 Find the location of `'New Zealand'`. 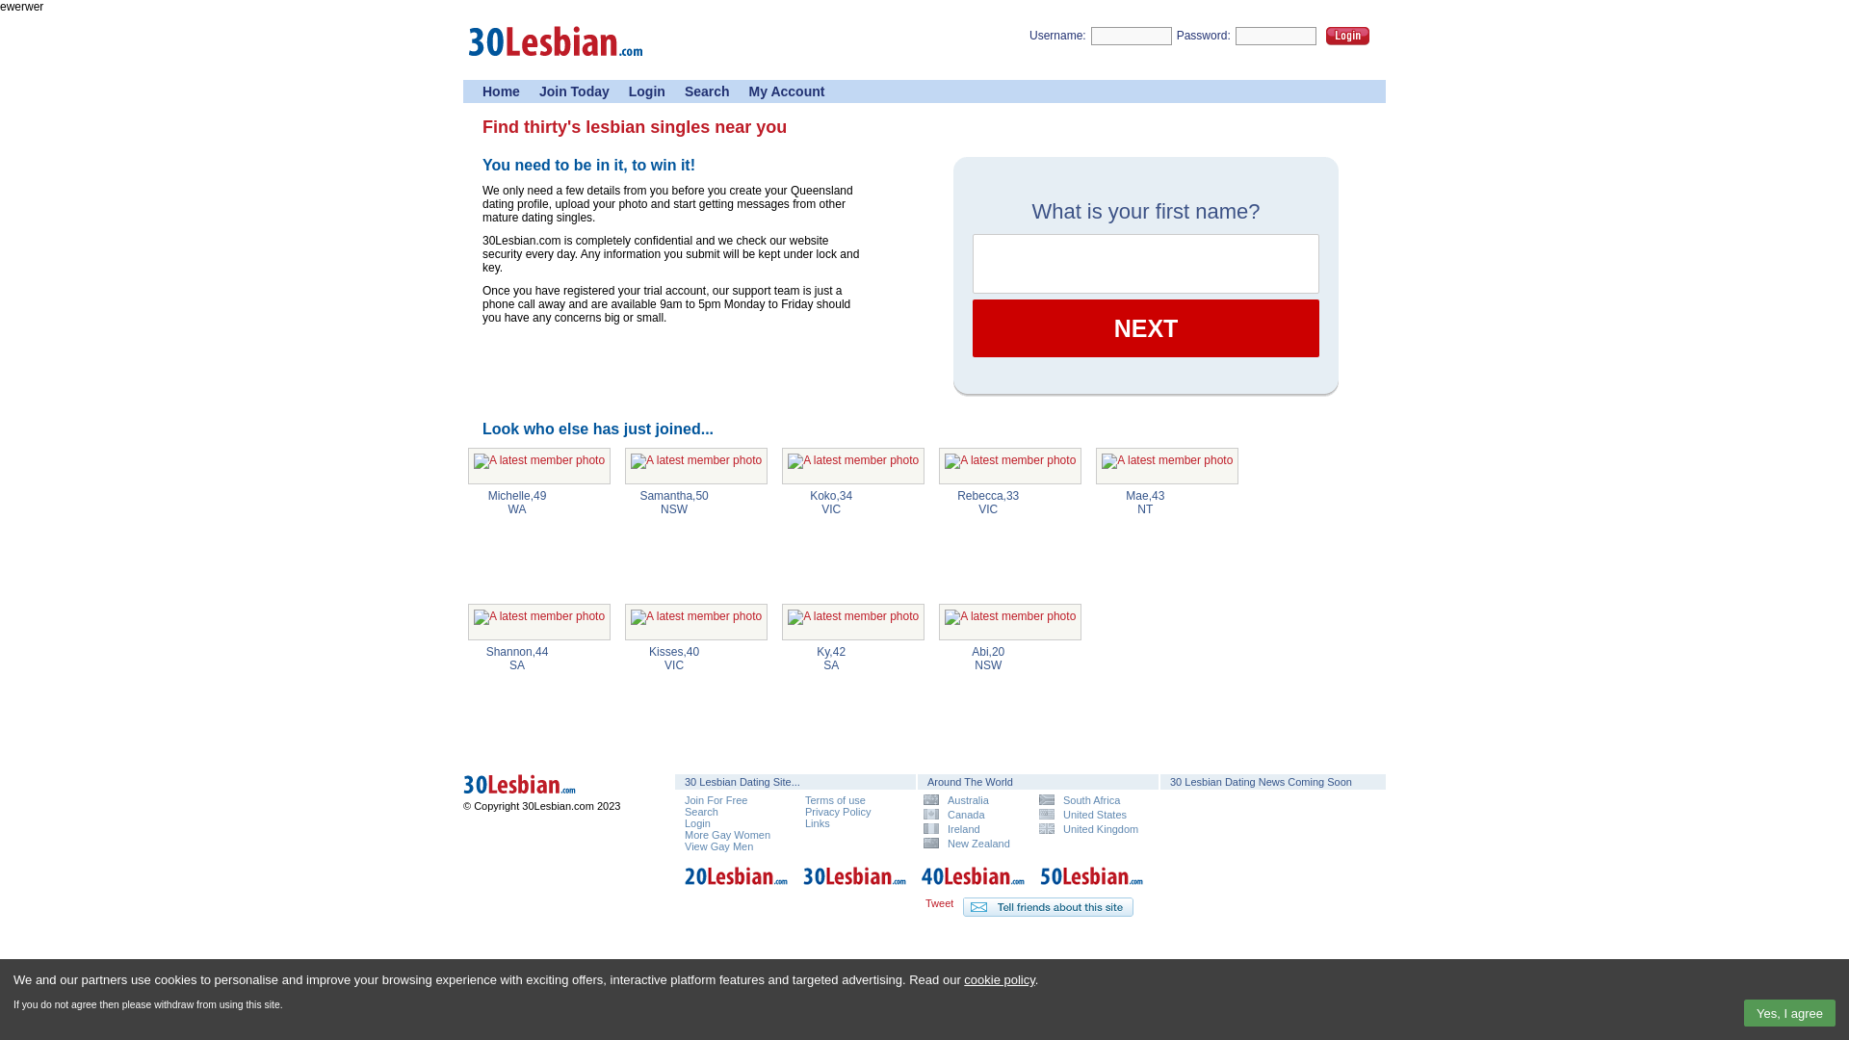

'New Zealand' is located at coordinates (923, 842).